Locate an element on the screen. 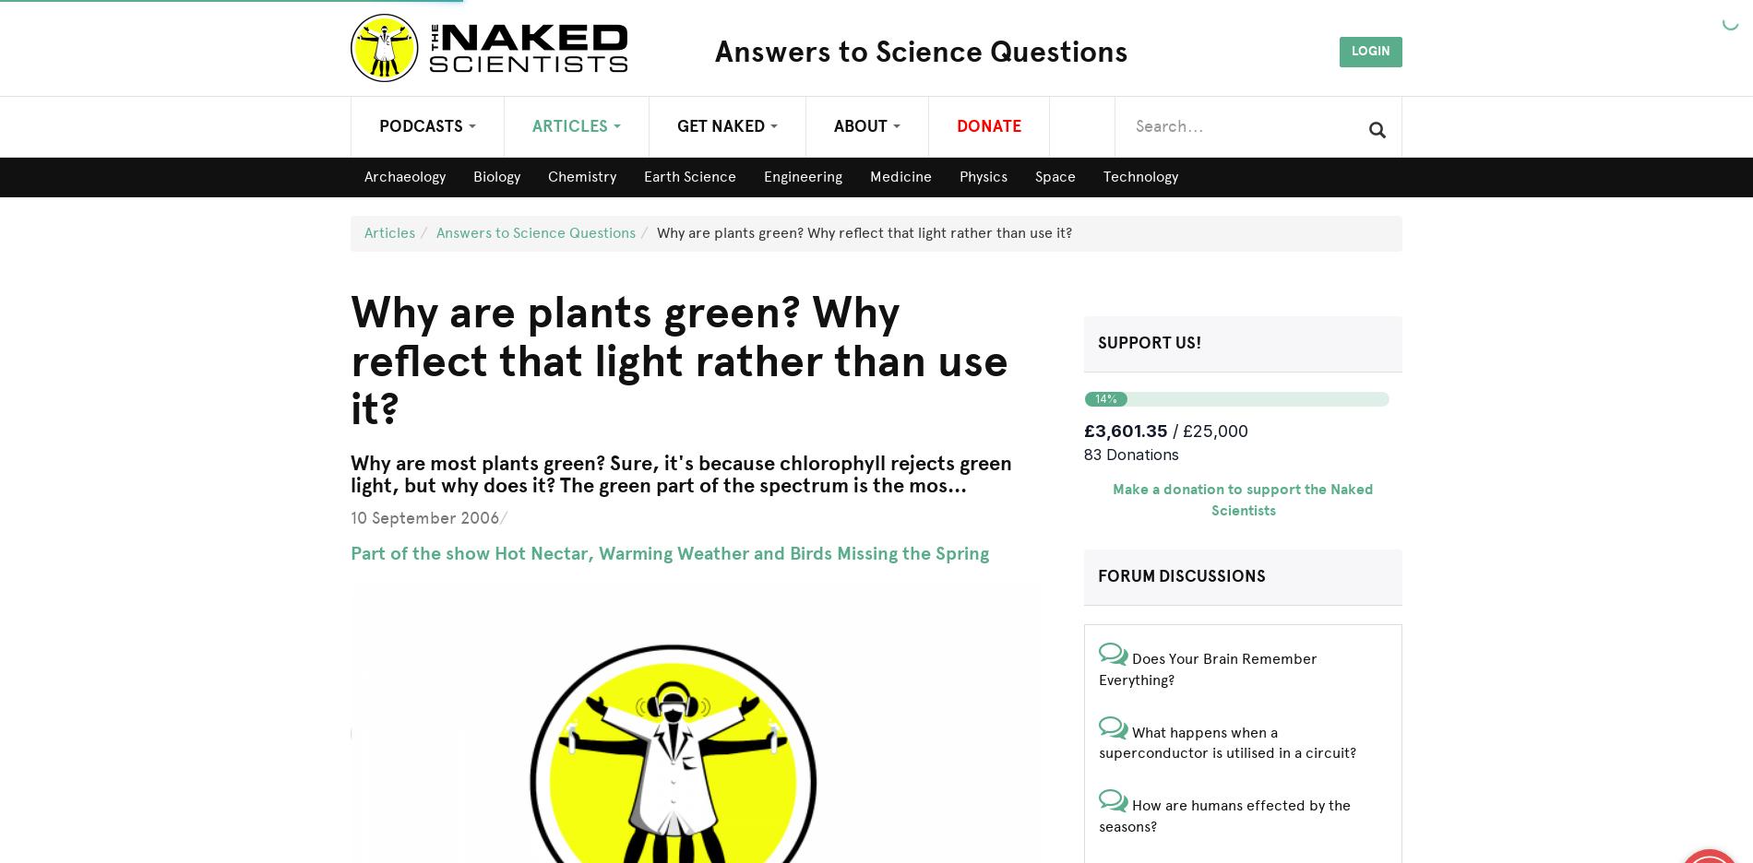  'What happens when a superconductor is utilised in a circuit?' is located at coordinates (1226, 740).